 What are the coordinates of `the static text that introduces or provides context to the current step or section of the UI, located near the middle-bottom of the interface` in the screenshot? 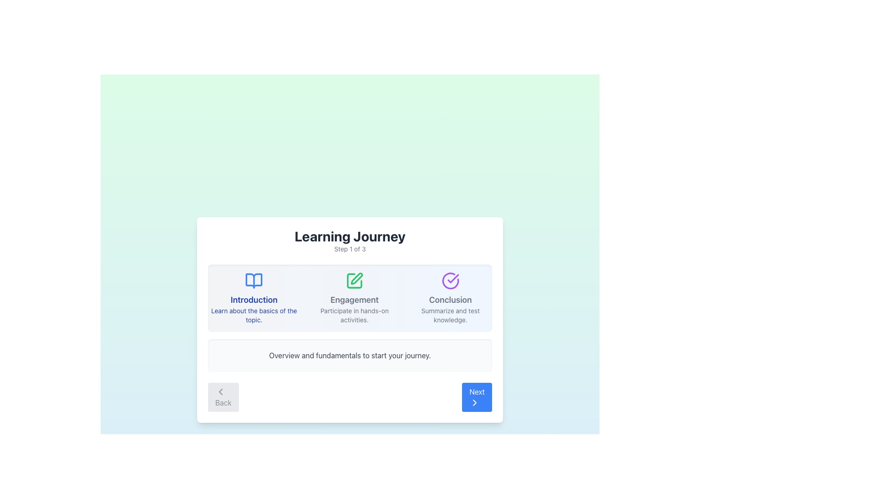 It's located at (349, 355).